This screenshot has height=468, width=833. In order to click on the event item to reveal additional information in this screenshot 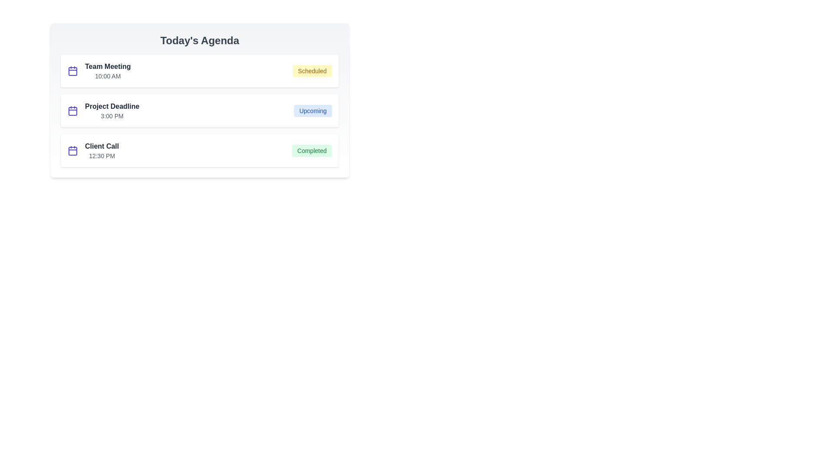, I will do `click(199, 71)`.